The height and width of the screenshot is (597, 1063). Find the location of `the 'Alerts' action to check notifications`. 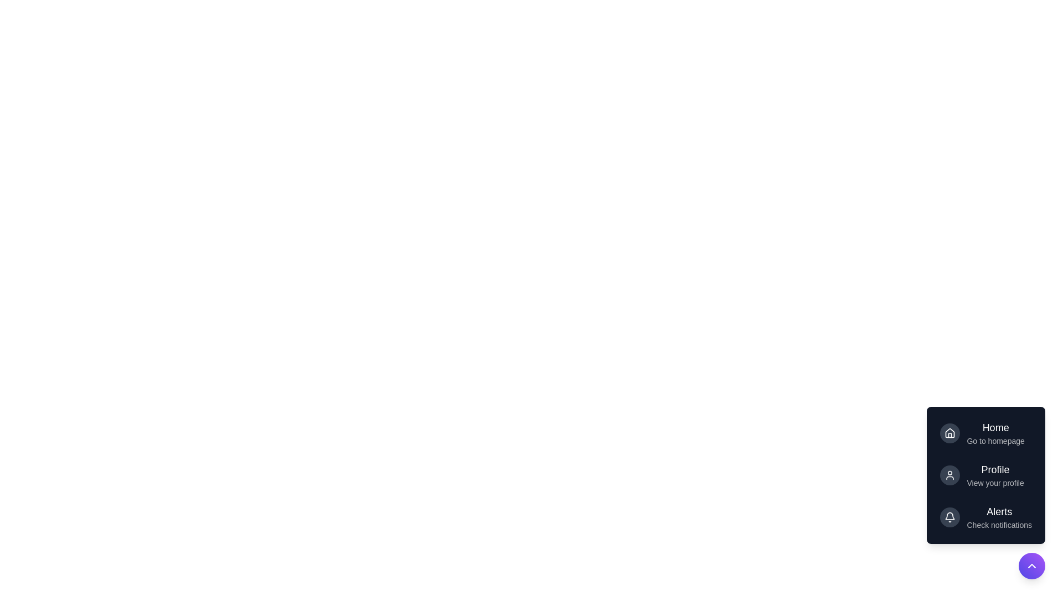

the 'Alerts' action to check notifications is located at coordinates (999, 517).